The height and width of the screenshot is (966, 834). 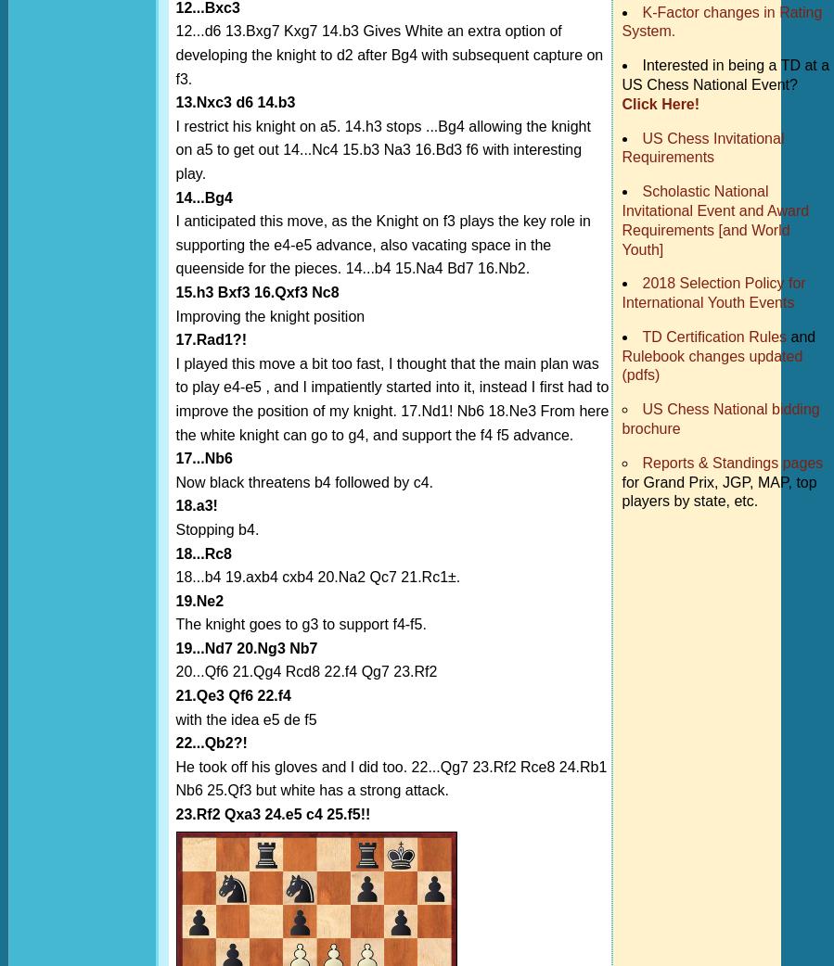 I want to click on '2018 Selection Policy for International Youth Events', so click(x=713, y=293).